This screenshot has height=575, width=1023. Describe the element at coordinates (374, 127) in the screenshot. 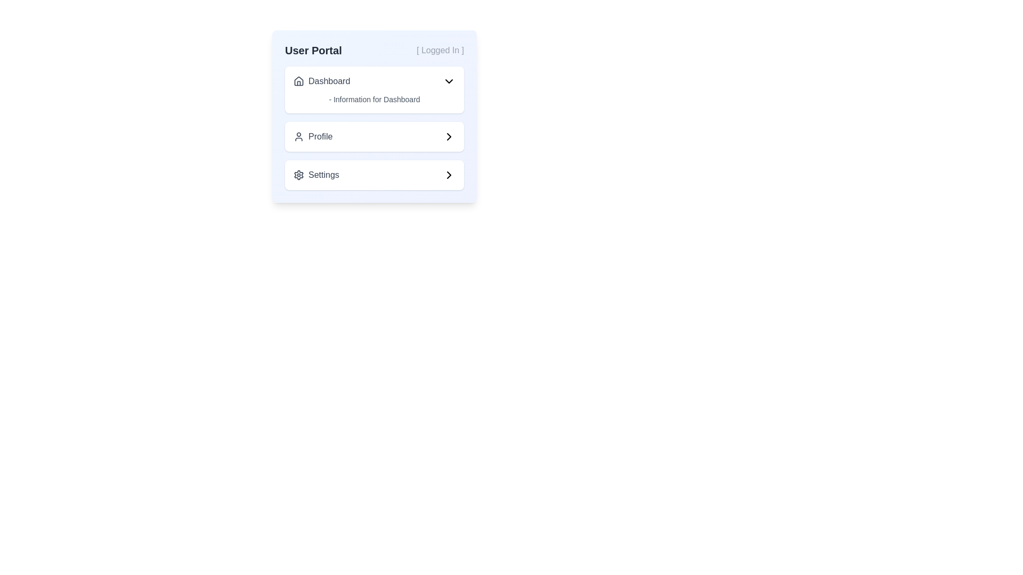

I see `the Navigation button located in the middle of the vertical list under 'User Portal'` at that location.